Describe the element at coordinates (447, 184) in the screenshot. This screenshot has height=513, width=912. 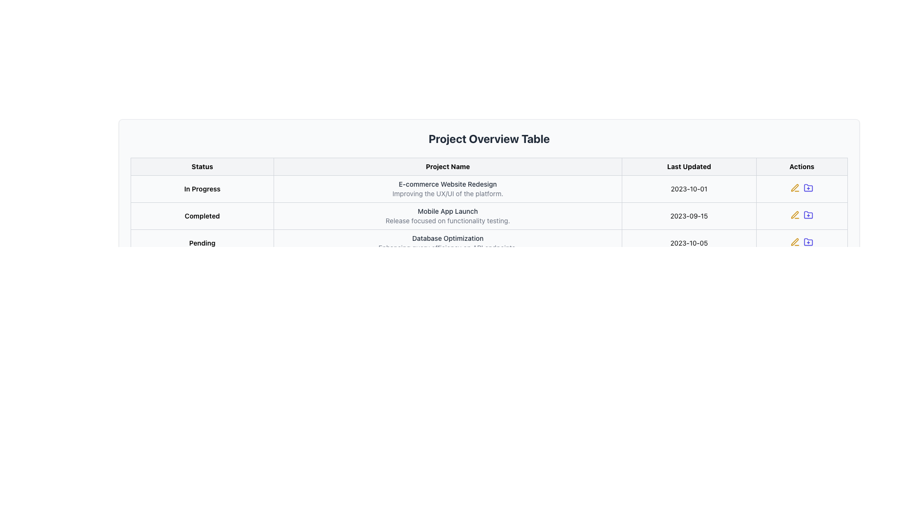
I see `the text element reading 'E-commerce Website Redesign' located in the 'Project Name' column of the table, specifically in the second row` at that location.